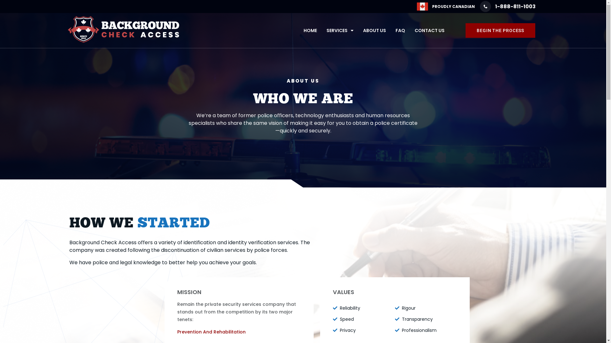 This screenshot has height=343, width=611. What do you see at coordinates (507, 6) in the screenshot?
I see `'1-888-811-1003'` at bounding box center [507, 6].